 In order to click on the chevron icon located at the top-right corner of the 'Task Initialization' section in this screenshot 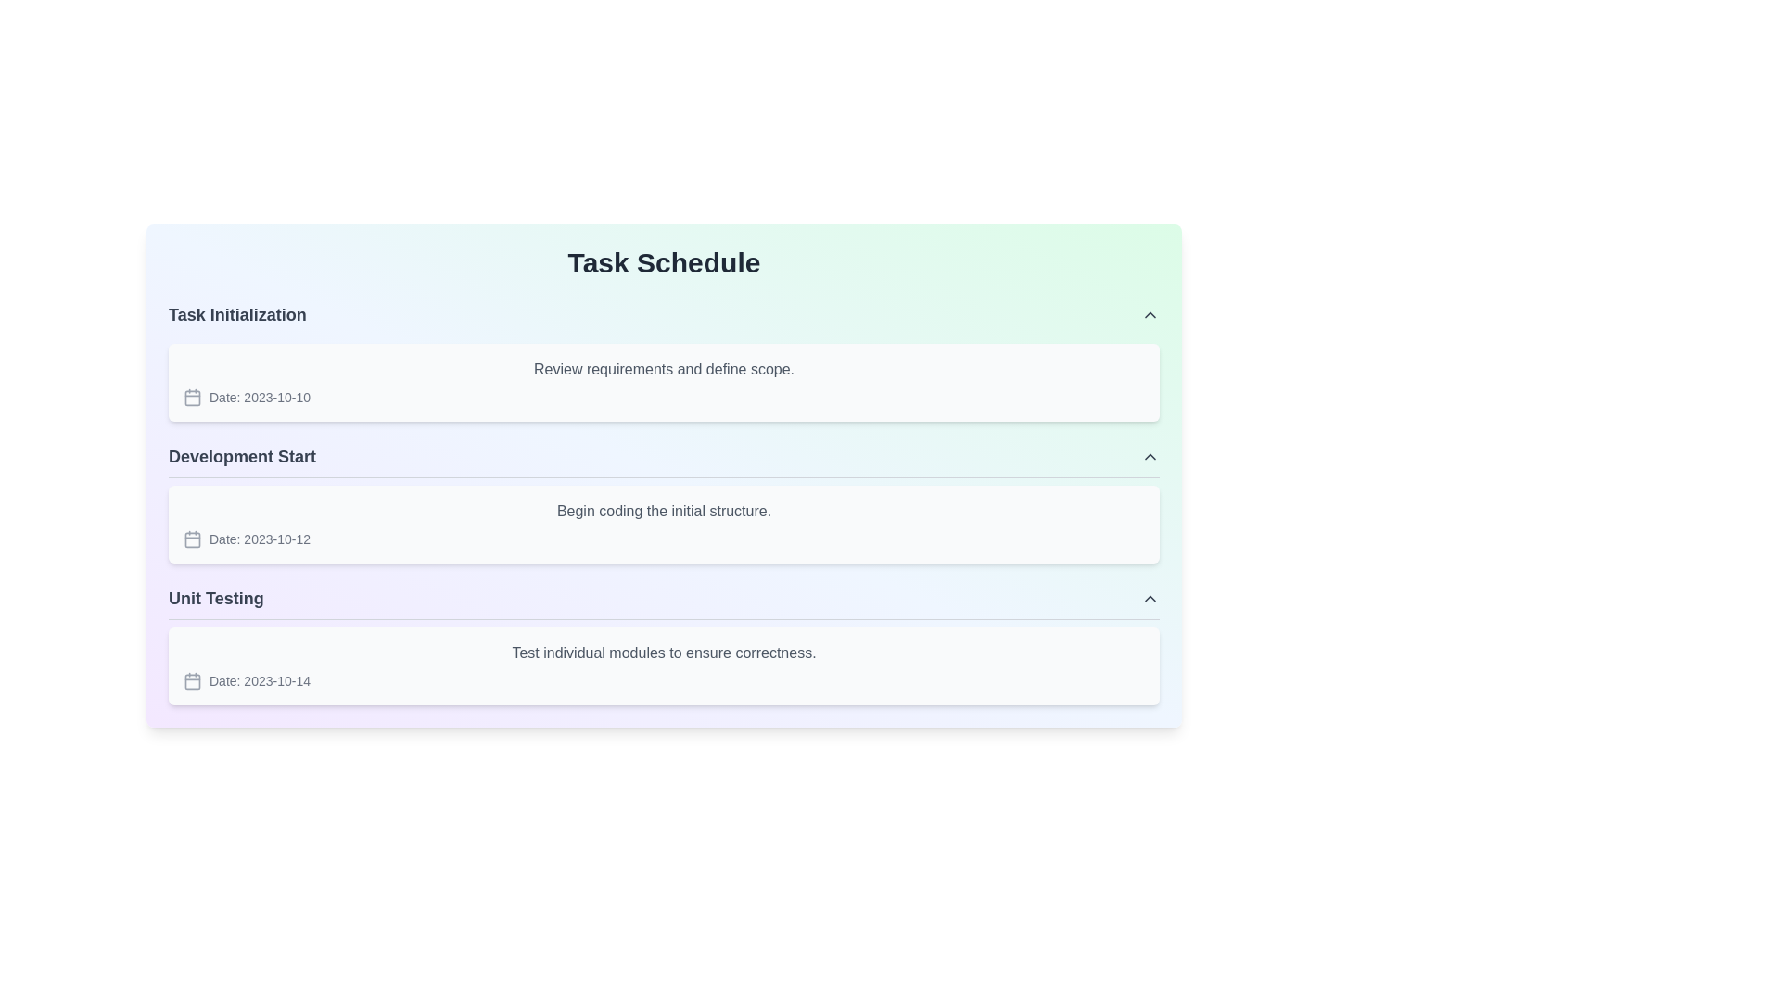, I will do `click(1150, 313)`.